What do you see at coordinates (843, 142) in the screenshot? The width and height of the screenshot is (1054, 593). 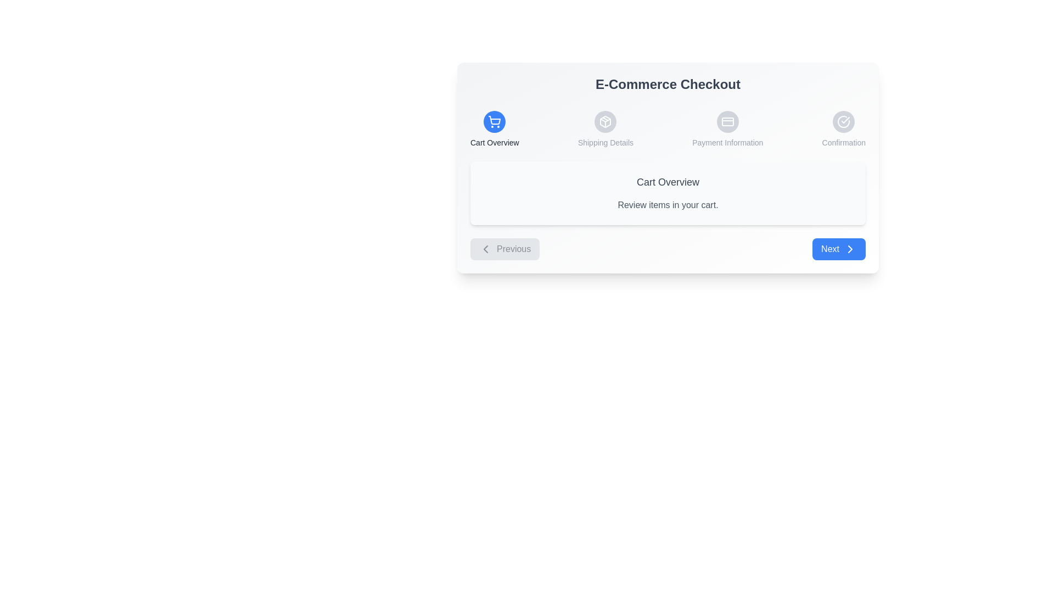 I see `the 'Confirmation' text label element, which indicates the 'Confirmation' stage in the progress workflow, located below a checkmark icon in the top-right corner of the interface` at bounding box center [843, 142].